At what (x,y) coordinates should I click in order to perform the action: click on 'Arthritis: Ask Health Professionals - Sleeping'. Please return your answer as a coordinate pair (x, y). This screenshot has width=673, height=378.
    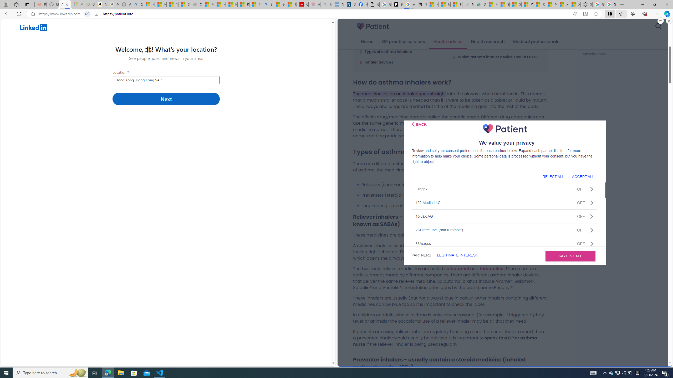
    Looking at the image, I should click on (314, 4).